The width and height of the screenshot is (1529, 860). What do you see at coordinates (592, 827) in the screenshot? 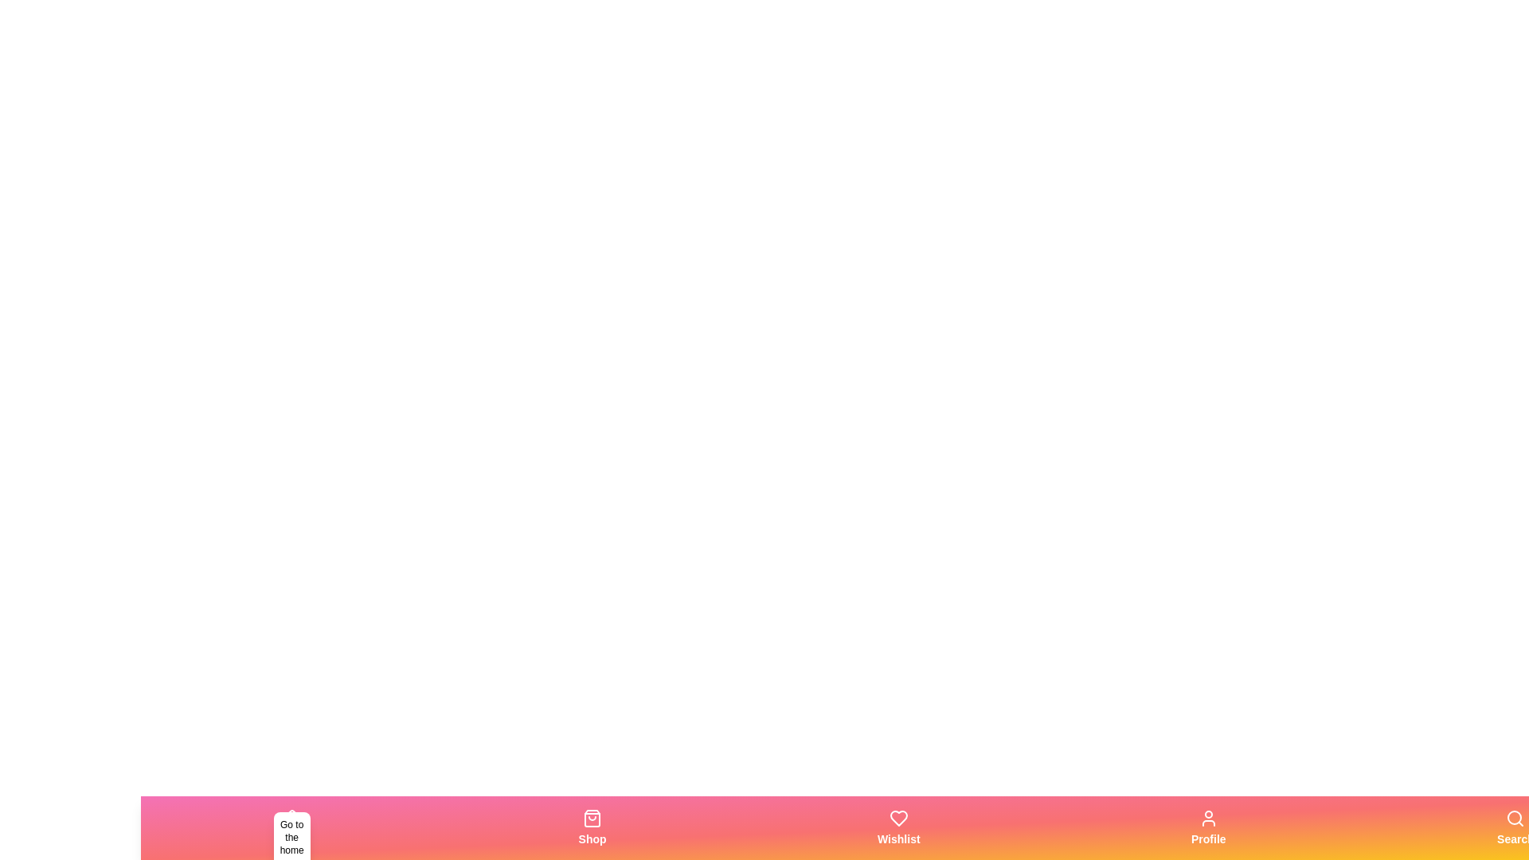
I see `the Shop tab to view its hint` at bounding box center [592, 827].